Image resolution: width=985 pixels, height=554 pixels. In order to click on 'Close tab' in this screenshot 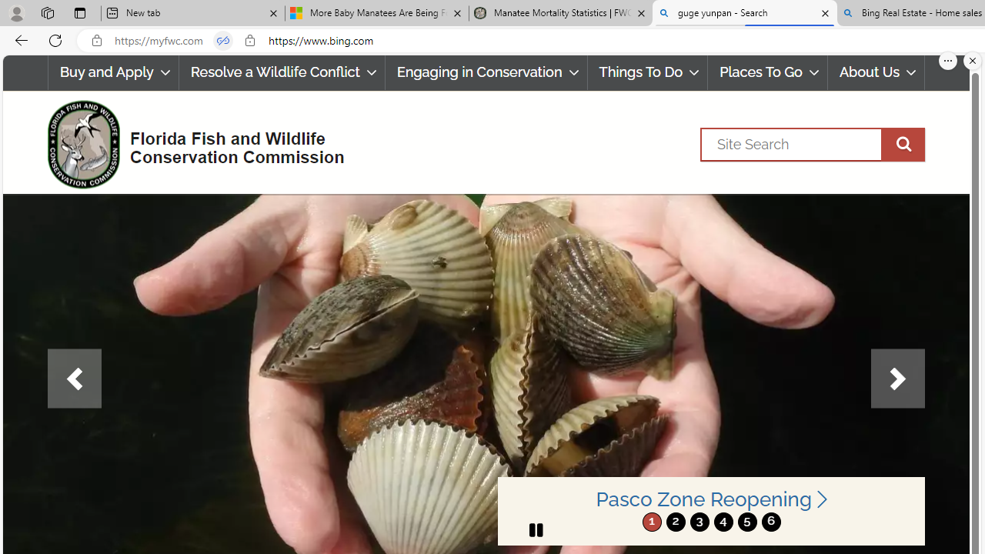, I will do `click(824, 13)`.